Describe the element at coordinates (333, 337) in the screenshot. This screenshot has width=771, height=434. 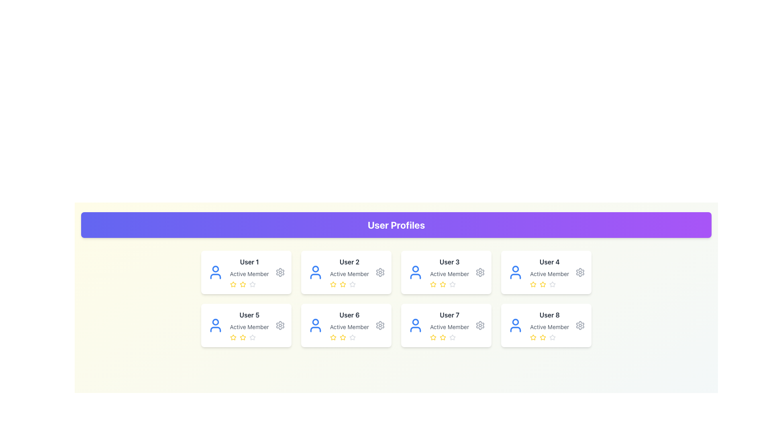
I see `the third yellow star icon in the rating row of the user card titled 'User 6'` at that location.